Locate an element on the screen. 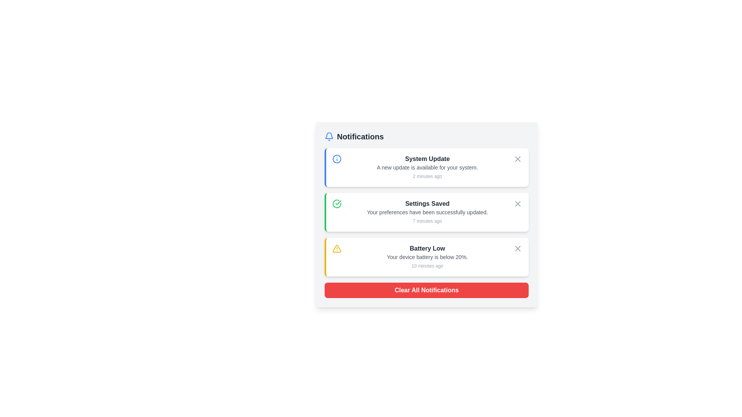 This screenshot has height=417, width=742. the static text label displaying '7 minutes ago', which is positioned in the bottom-right corner of the notification block below the 'Settings Saved' heading is located at coordinates (427, 221).